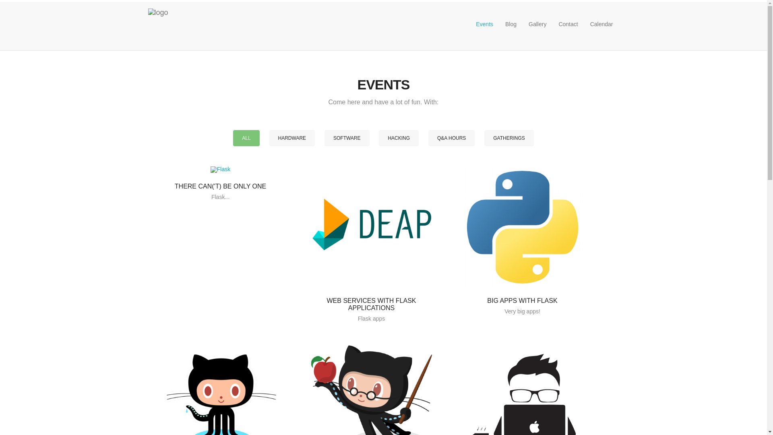 The width and height of the screenshot is (773, 435). Describe the element at coordinates (484, 24) in the screenshot. I see `'Events'` at that location.